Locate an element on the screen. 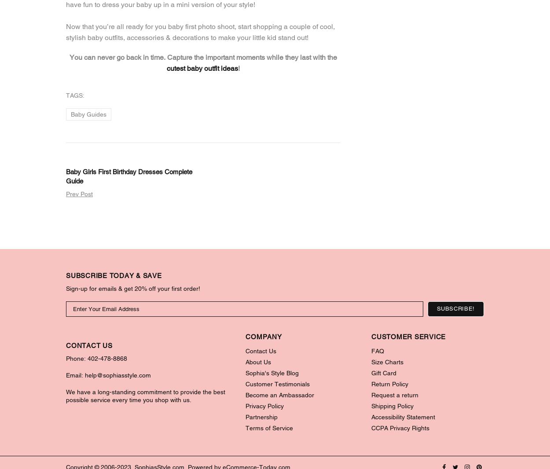 The image size is (550, 469). 'Sophia's Style Blog' is located at coordinates (271, 373).